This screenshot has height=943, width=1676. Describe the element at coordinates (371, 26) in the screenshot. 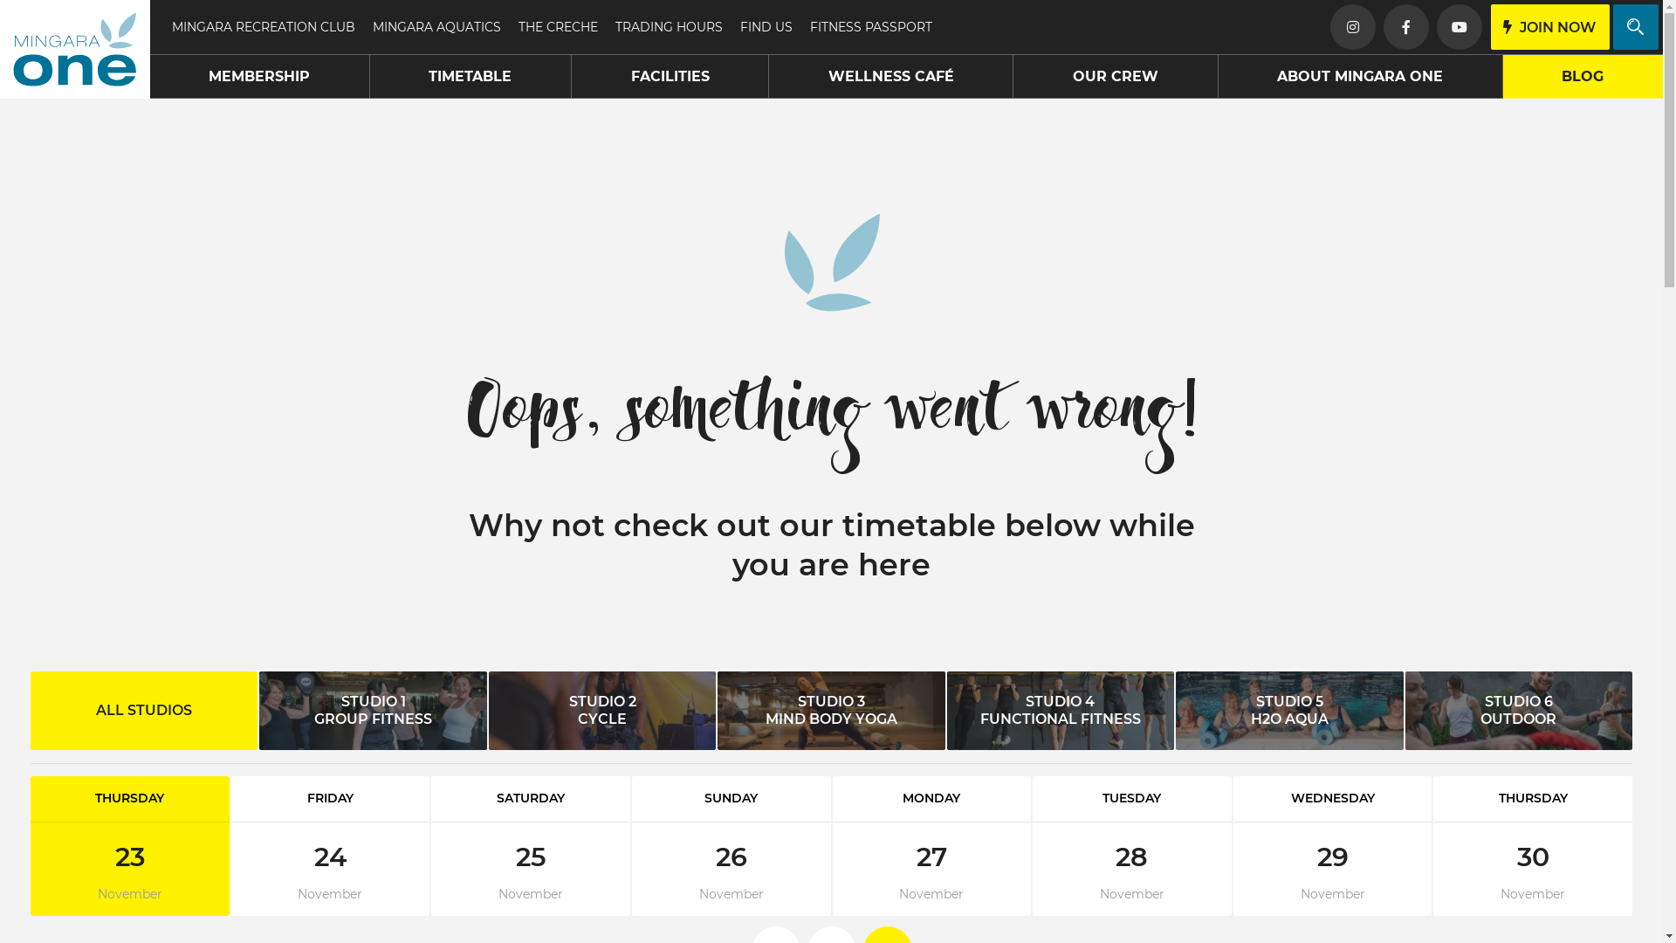

I see `'MINGARA AQUATICS'` at that location.